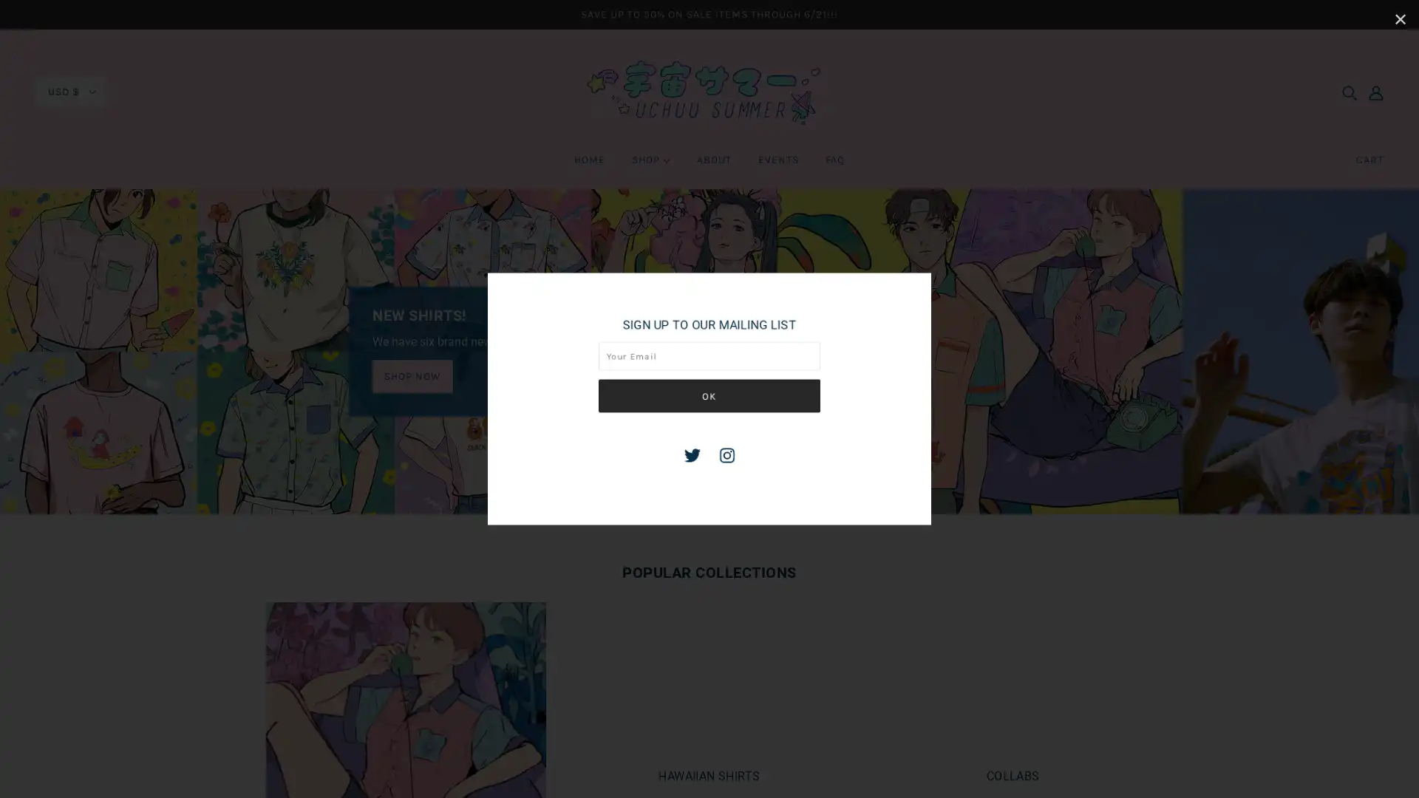 Image resolution: width=1419 pixels, height=798 pixels. Describe the element at coordinates (709, 395) in the screenshot. I see `Ok` at that location.